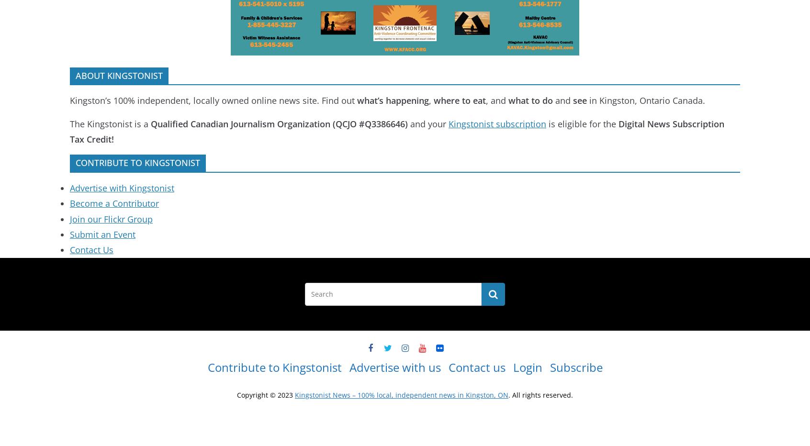 This screenshot has width=810, height=446. I want to click on 'Digital News Subscription Tax Credit!', so click(397, 131).